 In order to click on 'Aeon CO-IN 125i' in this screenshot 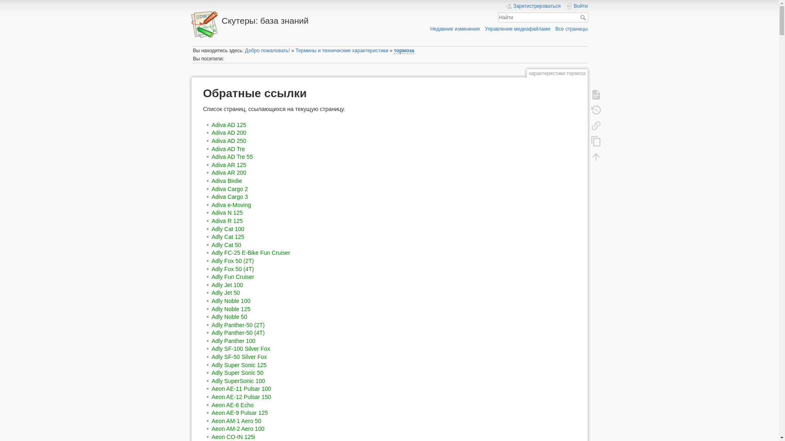, I will do `click(233, 436)`.